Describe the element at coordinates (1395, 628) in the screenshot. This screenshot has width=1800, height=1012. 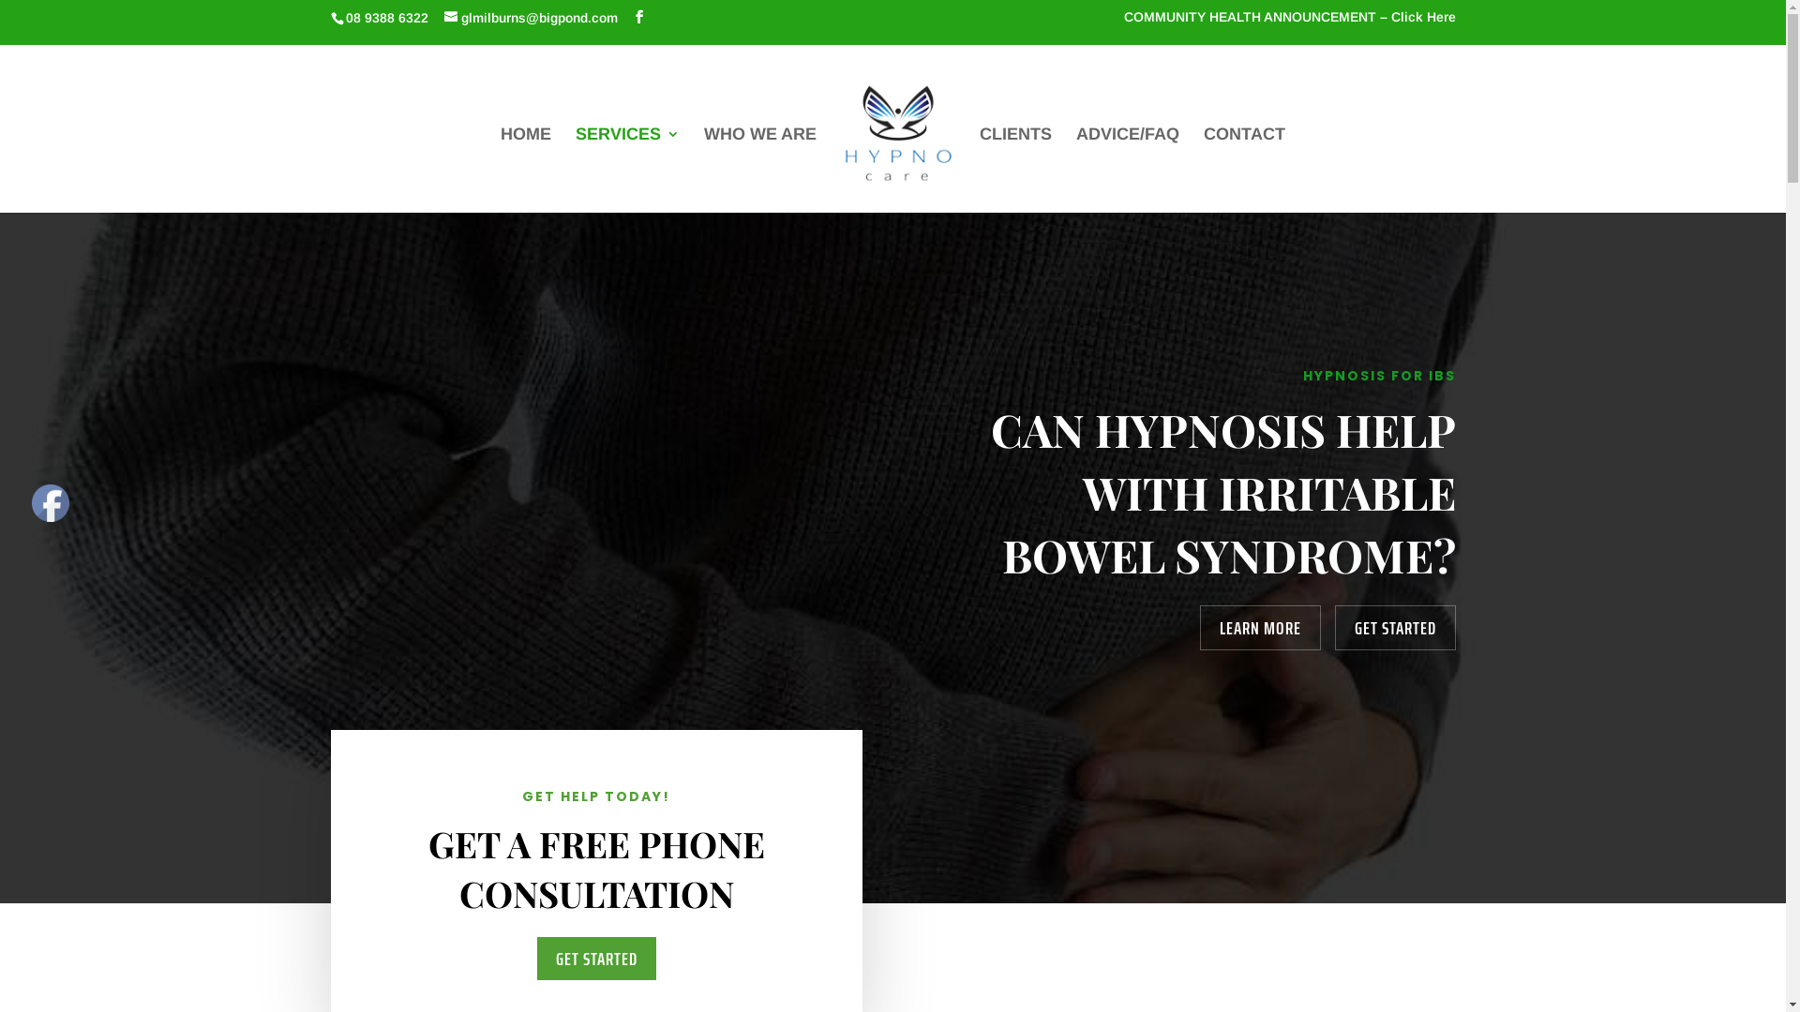
I see `'GET STARTED'` at that location.